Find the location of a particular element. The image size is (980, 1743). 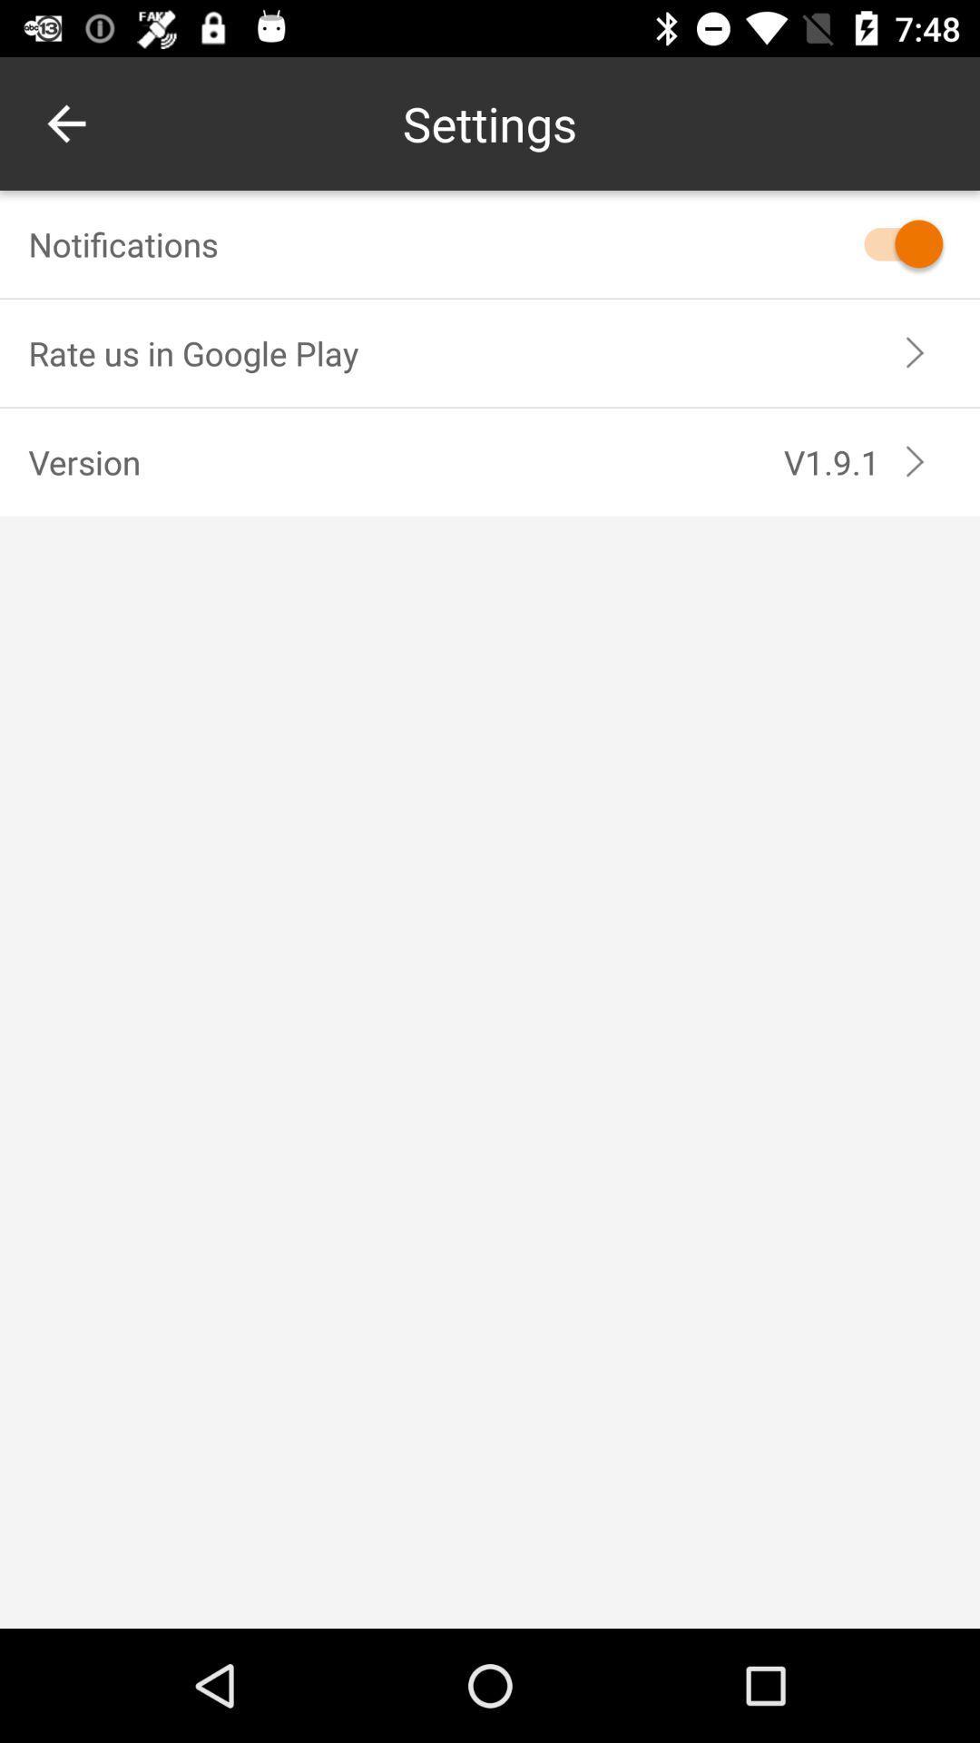

item to the right of the notifications icon is located at coordinates (894, 242).